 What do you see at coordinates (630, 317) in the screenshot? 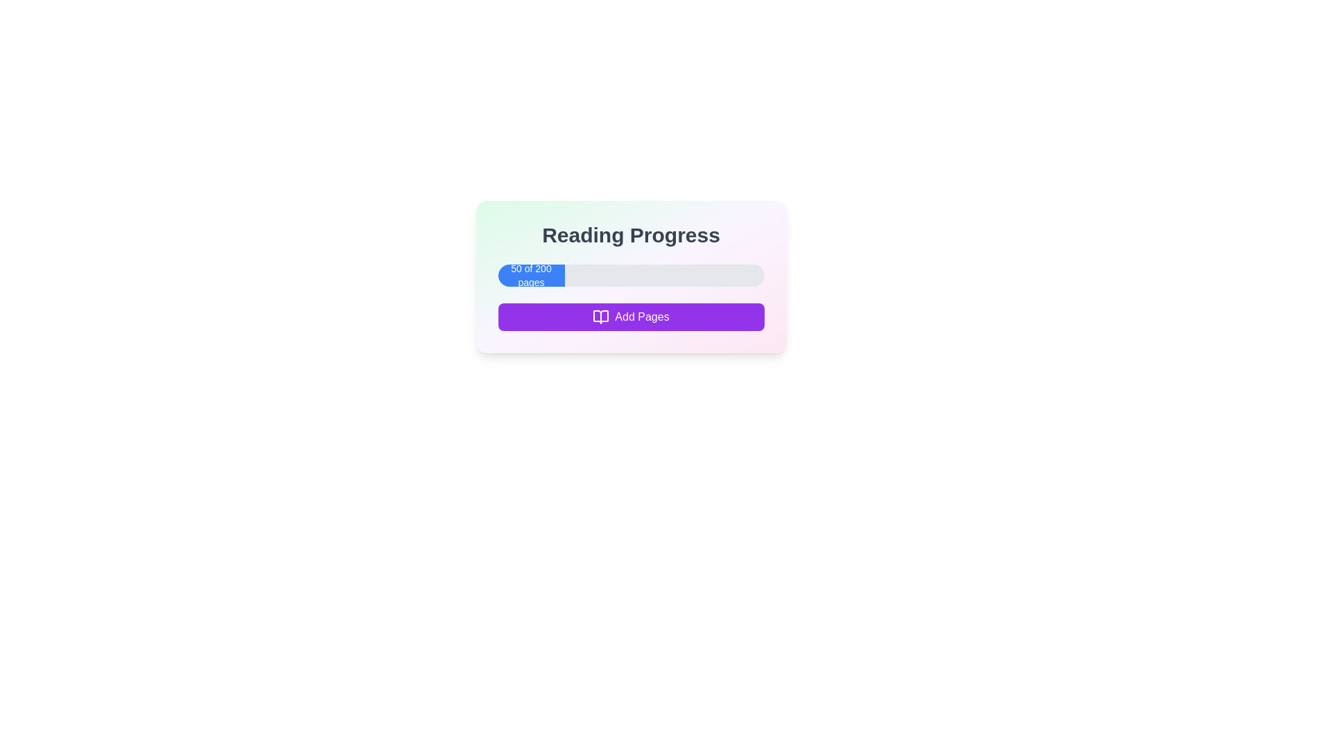
I see `the 'Add Pages' button with a purple background and an open book icon, located at the bottom of the 'Reading Progress' card` at bounding box center [630, 317].